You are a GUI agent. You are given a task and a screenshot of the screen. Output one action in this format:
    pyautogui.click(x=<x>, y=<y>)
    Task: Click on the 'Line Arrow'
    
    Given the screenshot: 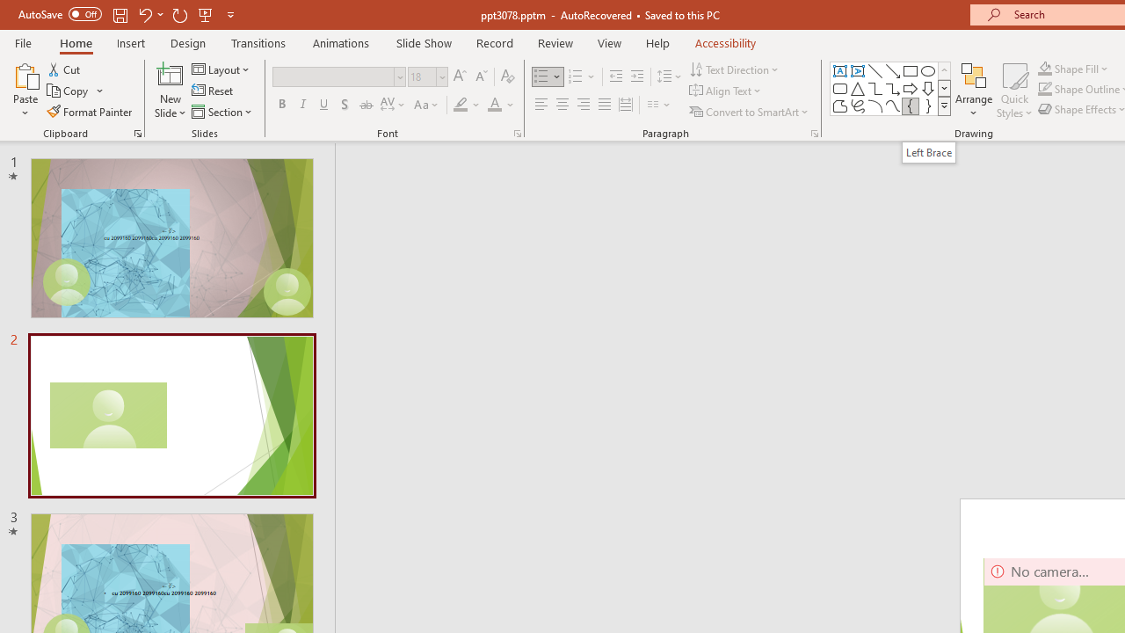 What is the action you would take?
    pyautogui.click(x=893, y=70)
    